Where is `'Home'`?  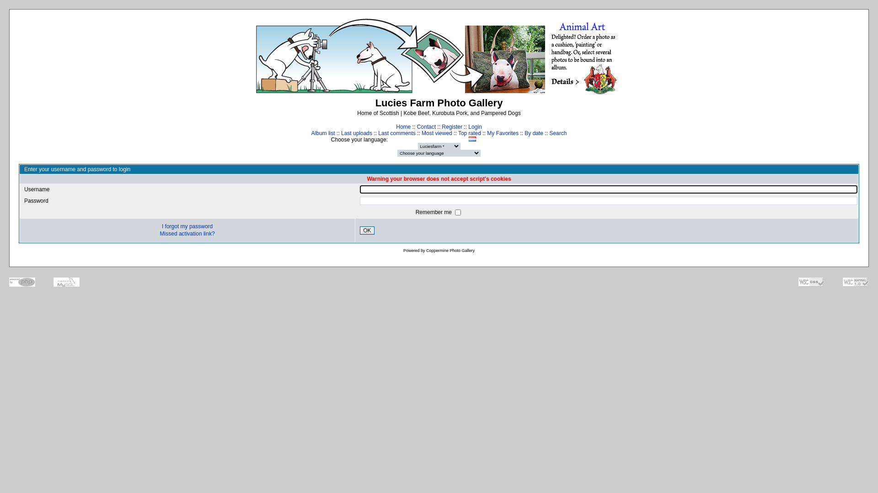
'Home' is located at coordinates (403, 126).